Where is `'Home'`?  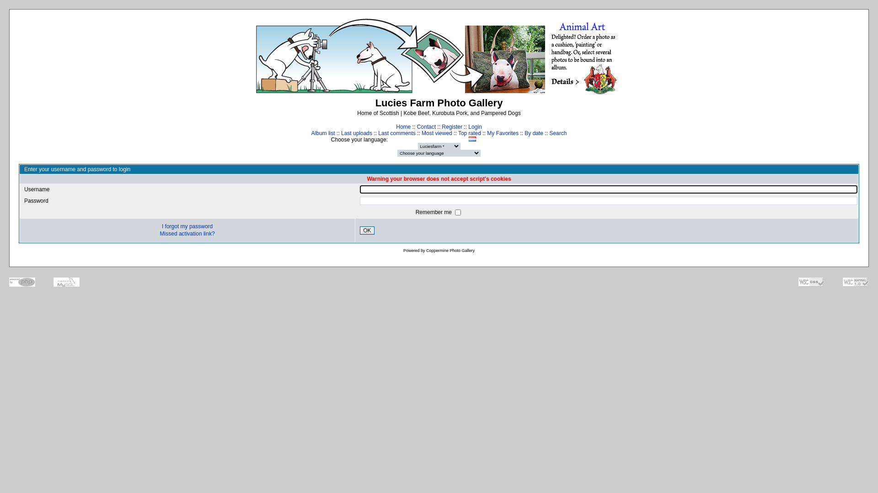
'Home' is located at coordinates (403, 126).